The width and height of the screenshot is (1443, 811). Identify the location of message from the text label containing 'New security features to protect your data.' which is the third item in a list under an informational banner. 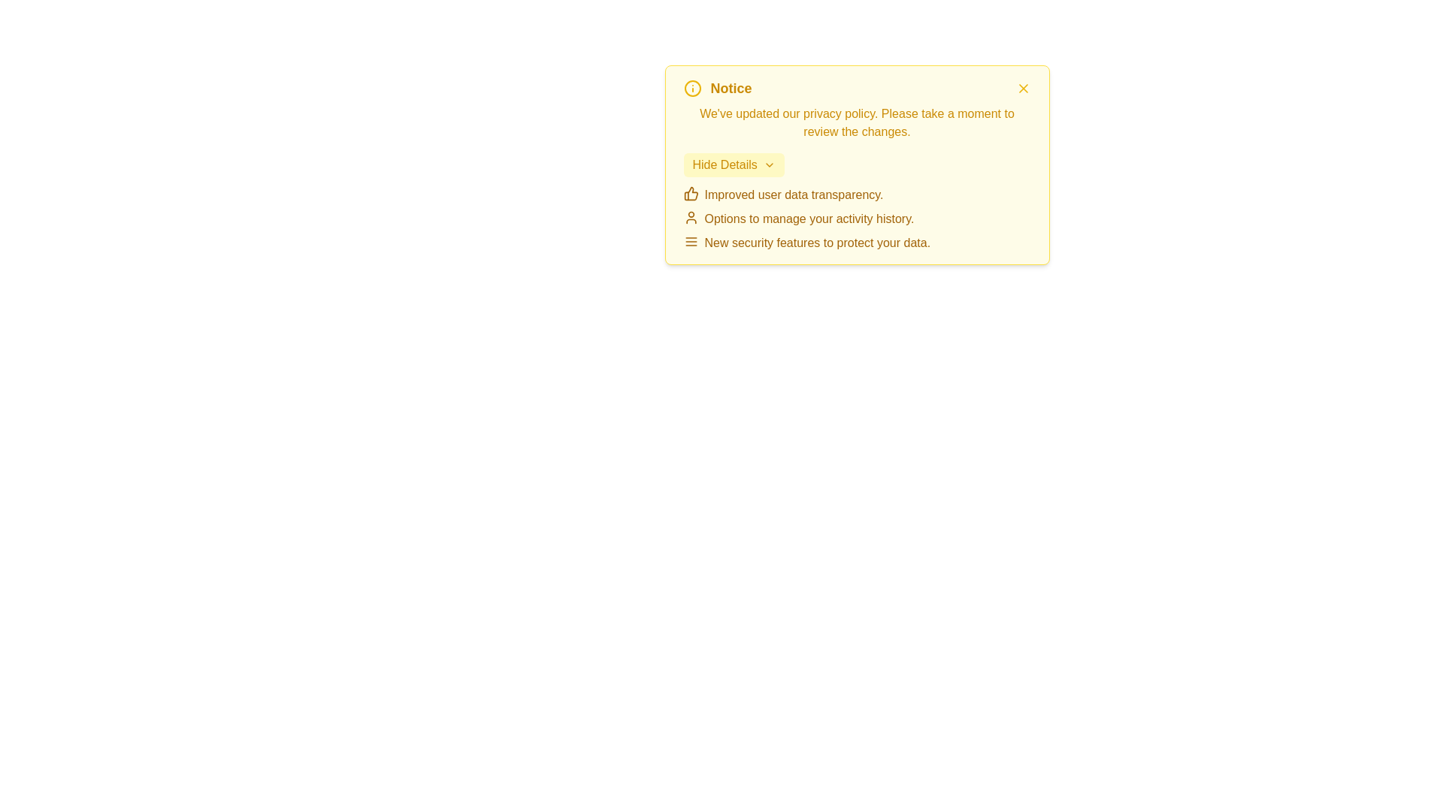
(816, 243).